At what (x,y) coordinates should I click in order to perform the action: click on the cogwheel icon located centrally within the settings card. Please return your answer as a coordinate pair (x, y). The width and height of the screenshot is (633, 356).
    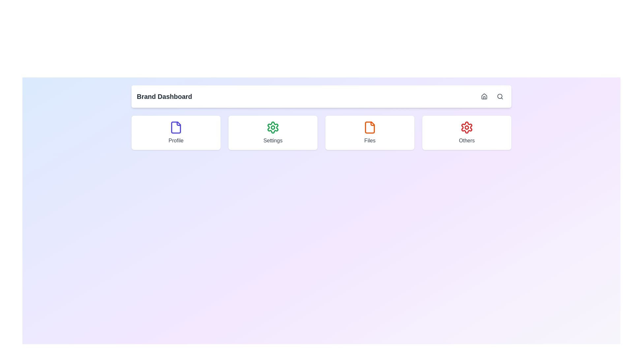
    Looking at the image, I should click on (273, 127).